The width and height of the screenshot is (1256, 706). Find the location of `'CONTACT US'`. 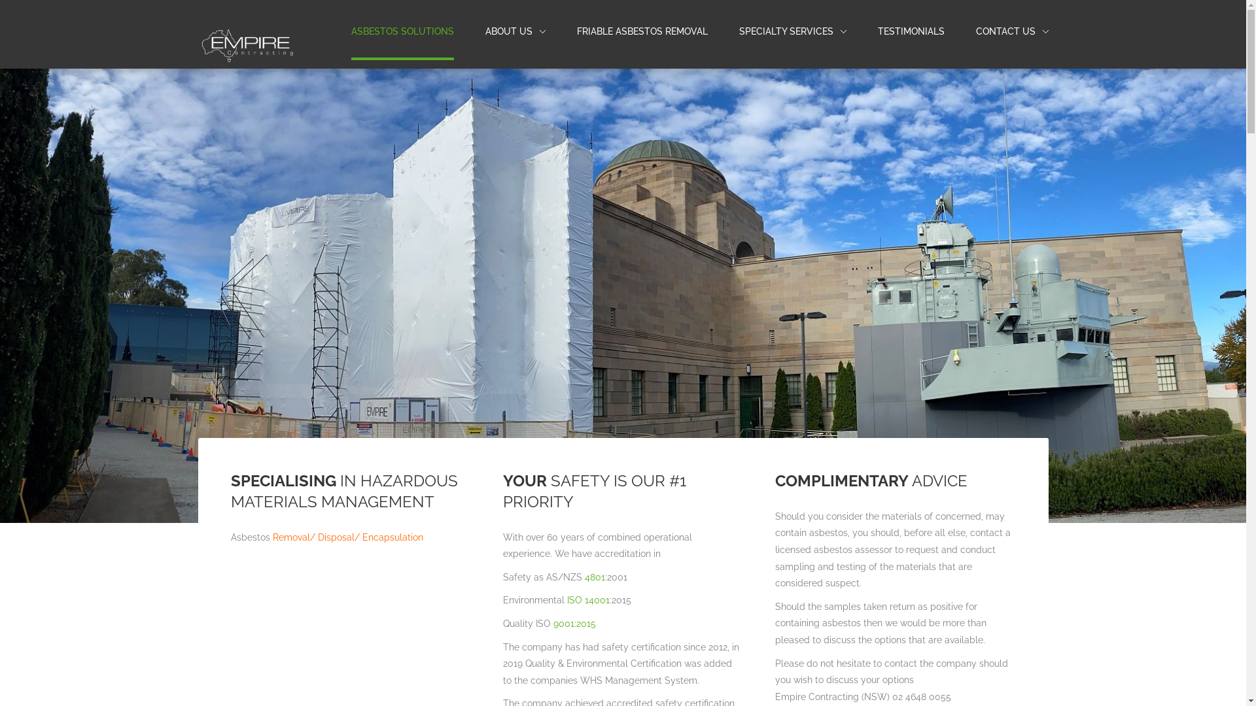

'CONTACT US' is located at coordinates (1011, 31).